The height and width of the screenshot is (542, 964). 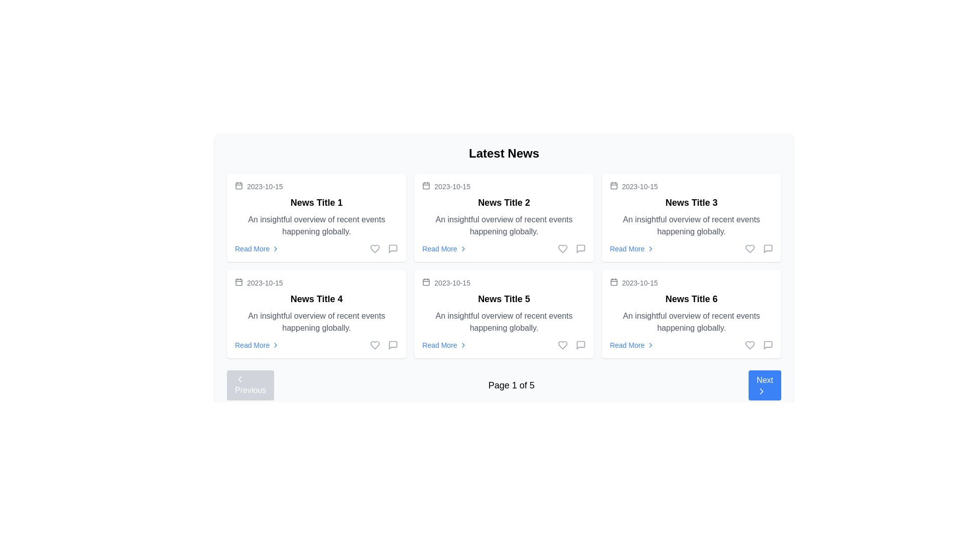 What do you see at coordinates (613, 186) in the screenshot?
I see `the icon representing the publication date of the news article located in the top-left section of the card labeled 'News Title 3'` at bounding box center [613, 186].